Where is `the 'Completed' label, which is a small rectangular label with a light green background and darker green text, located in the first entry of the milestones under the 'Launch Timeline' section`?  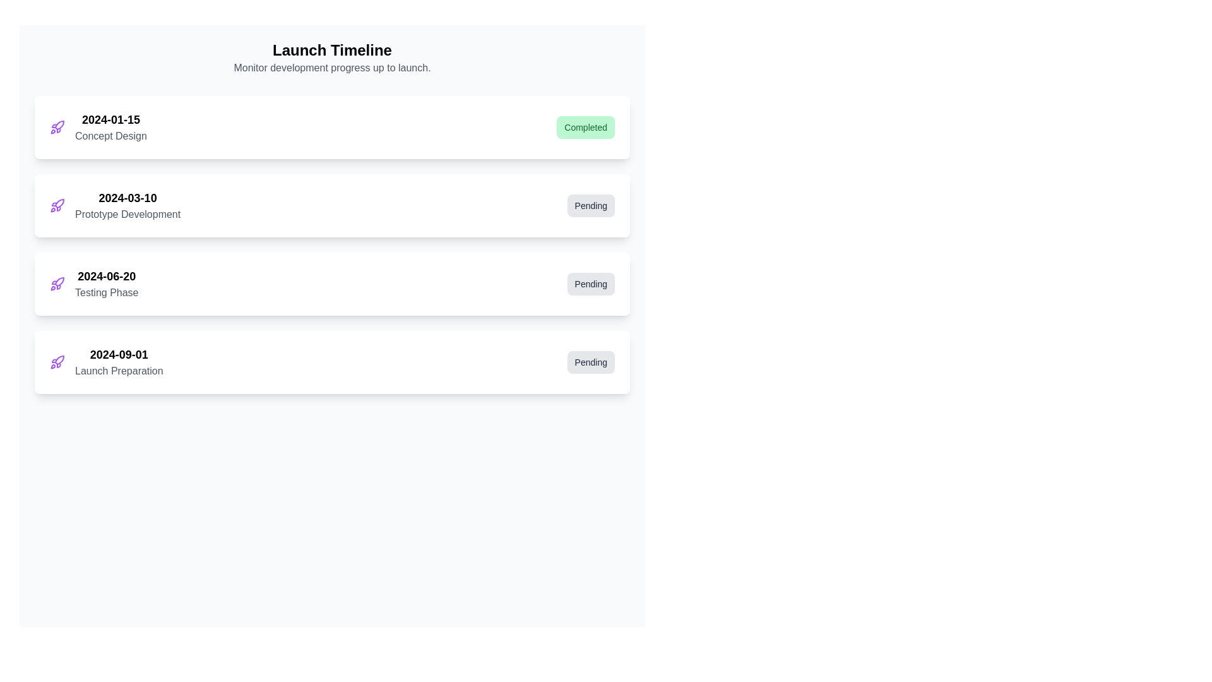 the 'Completed' label, which is a small rectangular label with a light green background and darker green text, located in the first entry of the milestones under the 'Launch Timeline' section is located at coordinates (585, 127).